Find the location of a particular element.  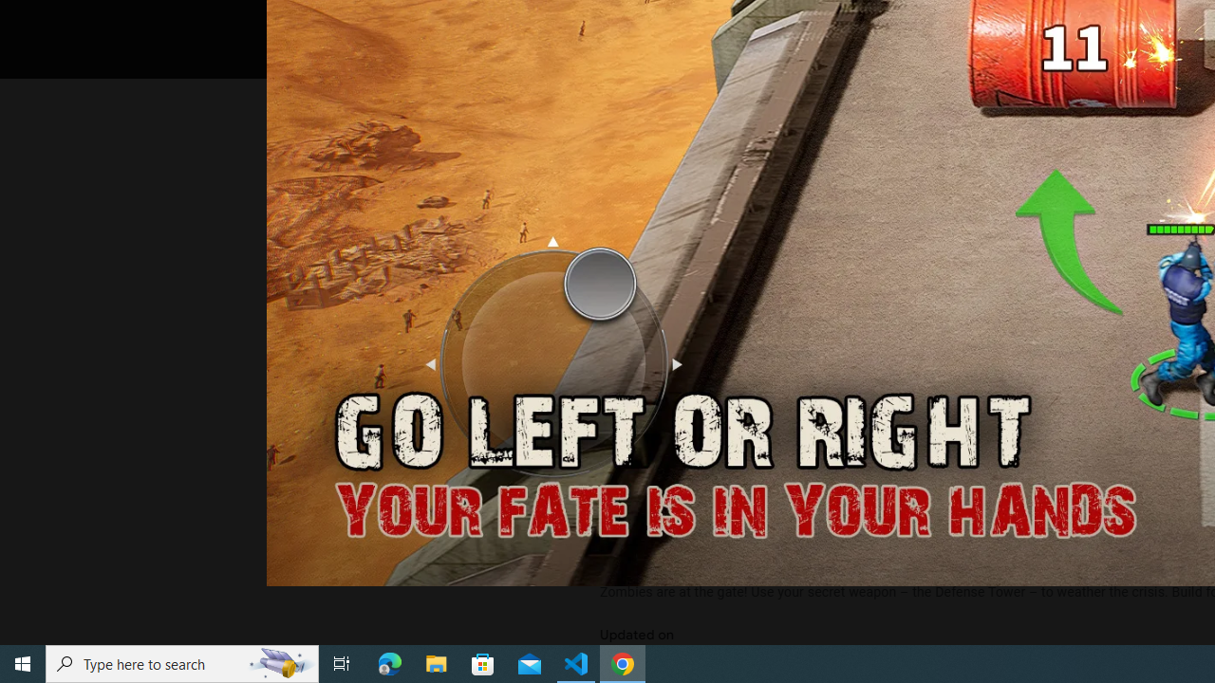

'See more information on About this game' is located at coordinates (788, 453).